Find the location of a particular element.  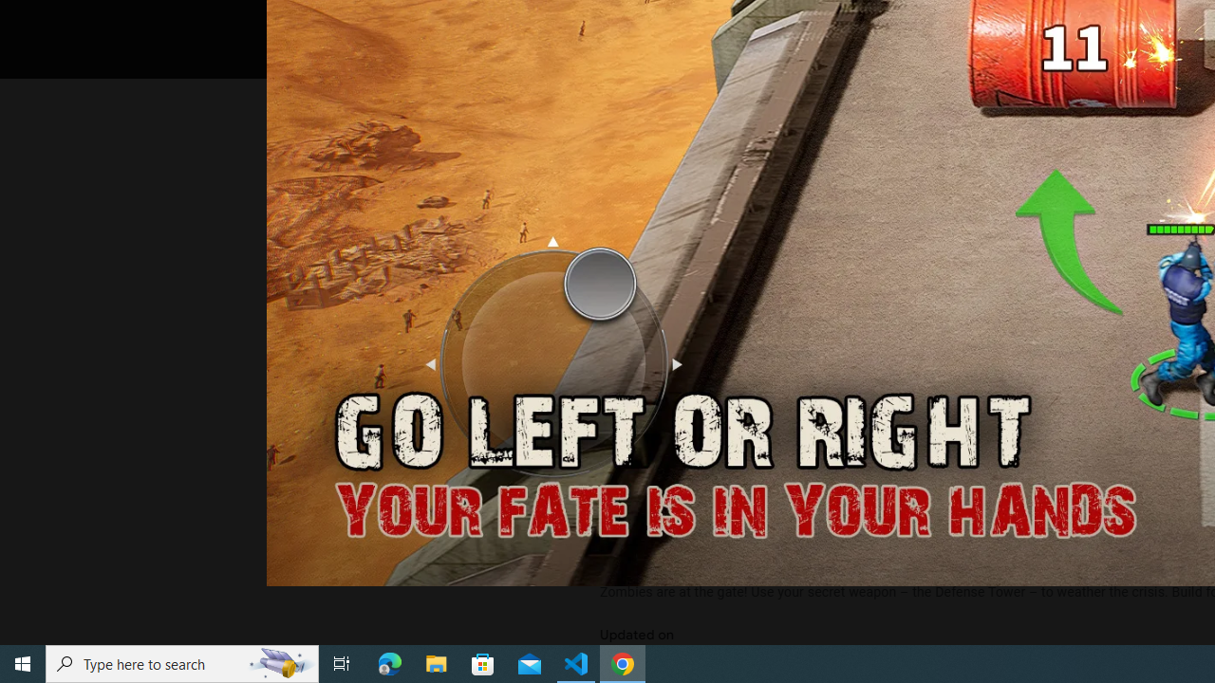

'See more information on About this game' is located at coordinates (788, 453).